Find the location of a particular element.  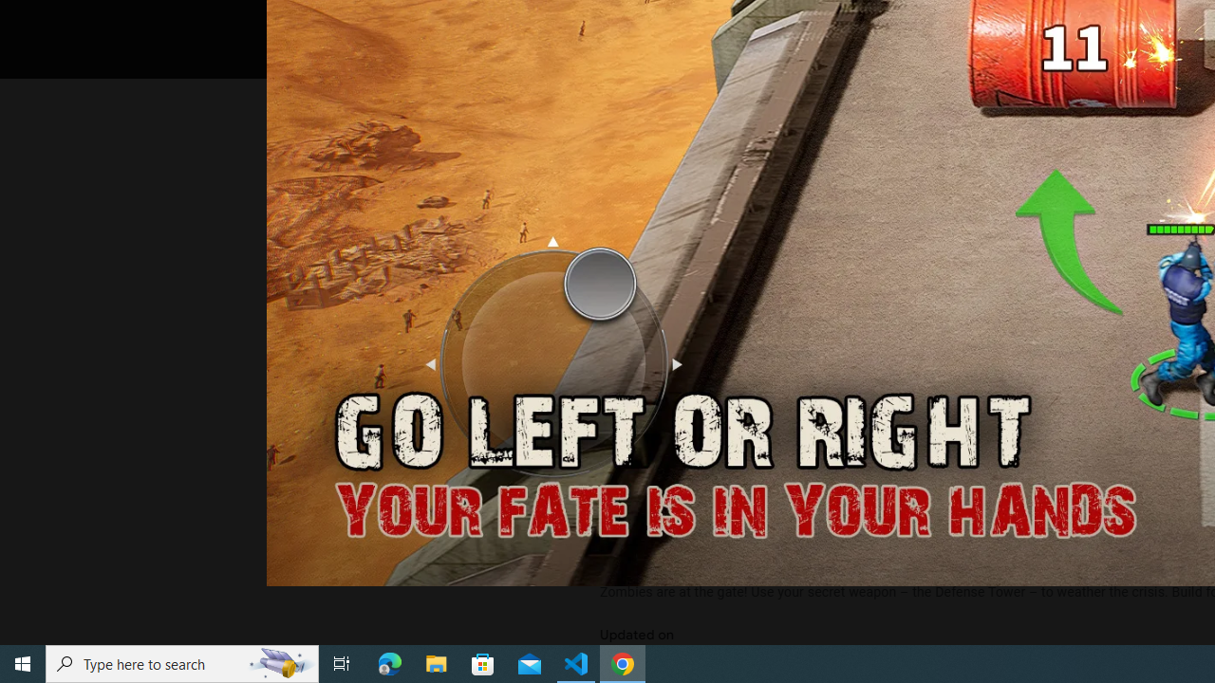

'See more information on About this game' is located at coordinates (788, 453).